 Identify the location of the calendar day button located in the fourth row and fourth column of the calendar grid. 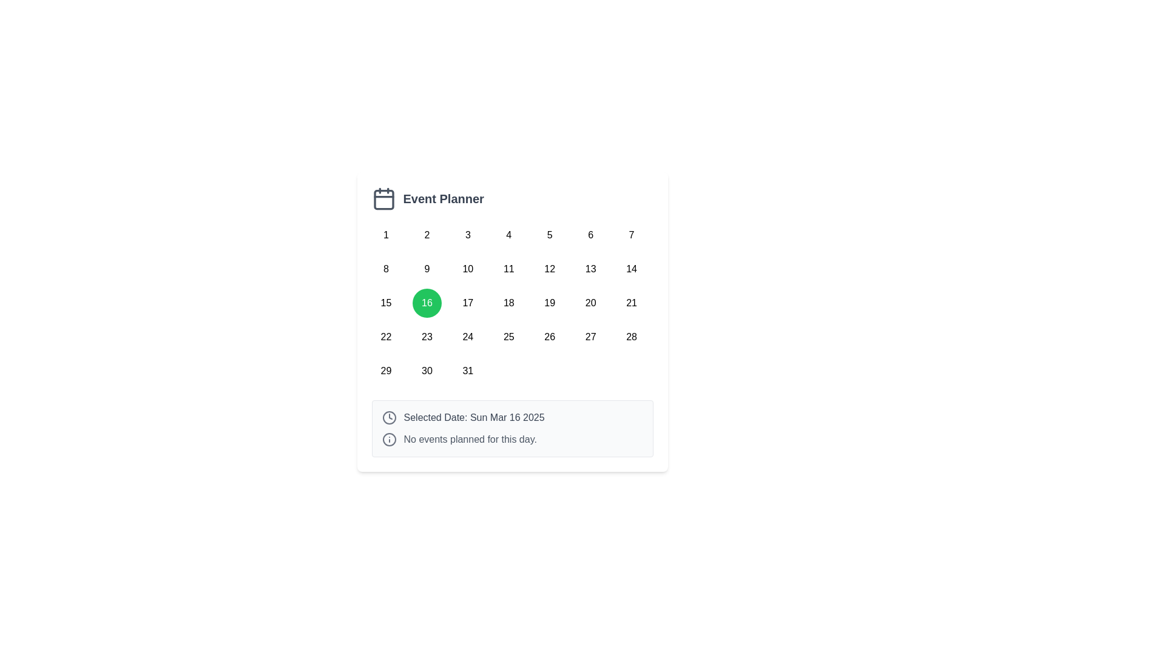
(508, 337).